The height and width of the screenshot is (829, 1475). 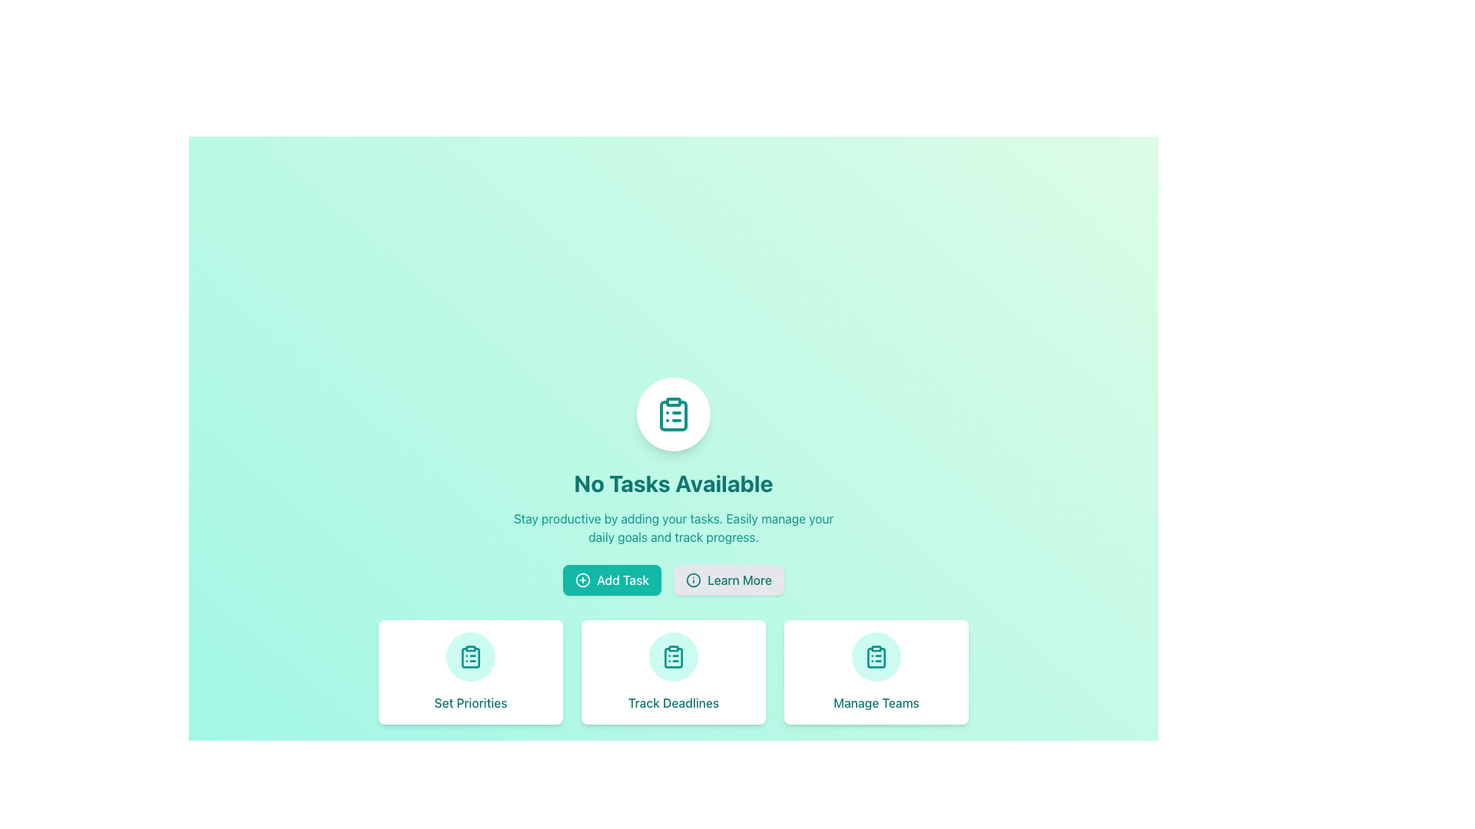 What do you see at coordinates (674, 414) in the screenshot?
I see `the circular button with a white background and teal clipboard icon located at the center of the interface, above the text 'No Tasks Available'` at bounding box center [674, 414].